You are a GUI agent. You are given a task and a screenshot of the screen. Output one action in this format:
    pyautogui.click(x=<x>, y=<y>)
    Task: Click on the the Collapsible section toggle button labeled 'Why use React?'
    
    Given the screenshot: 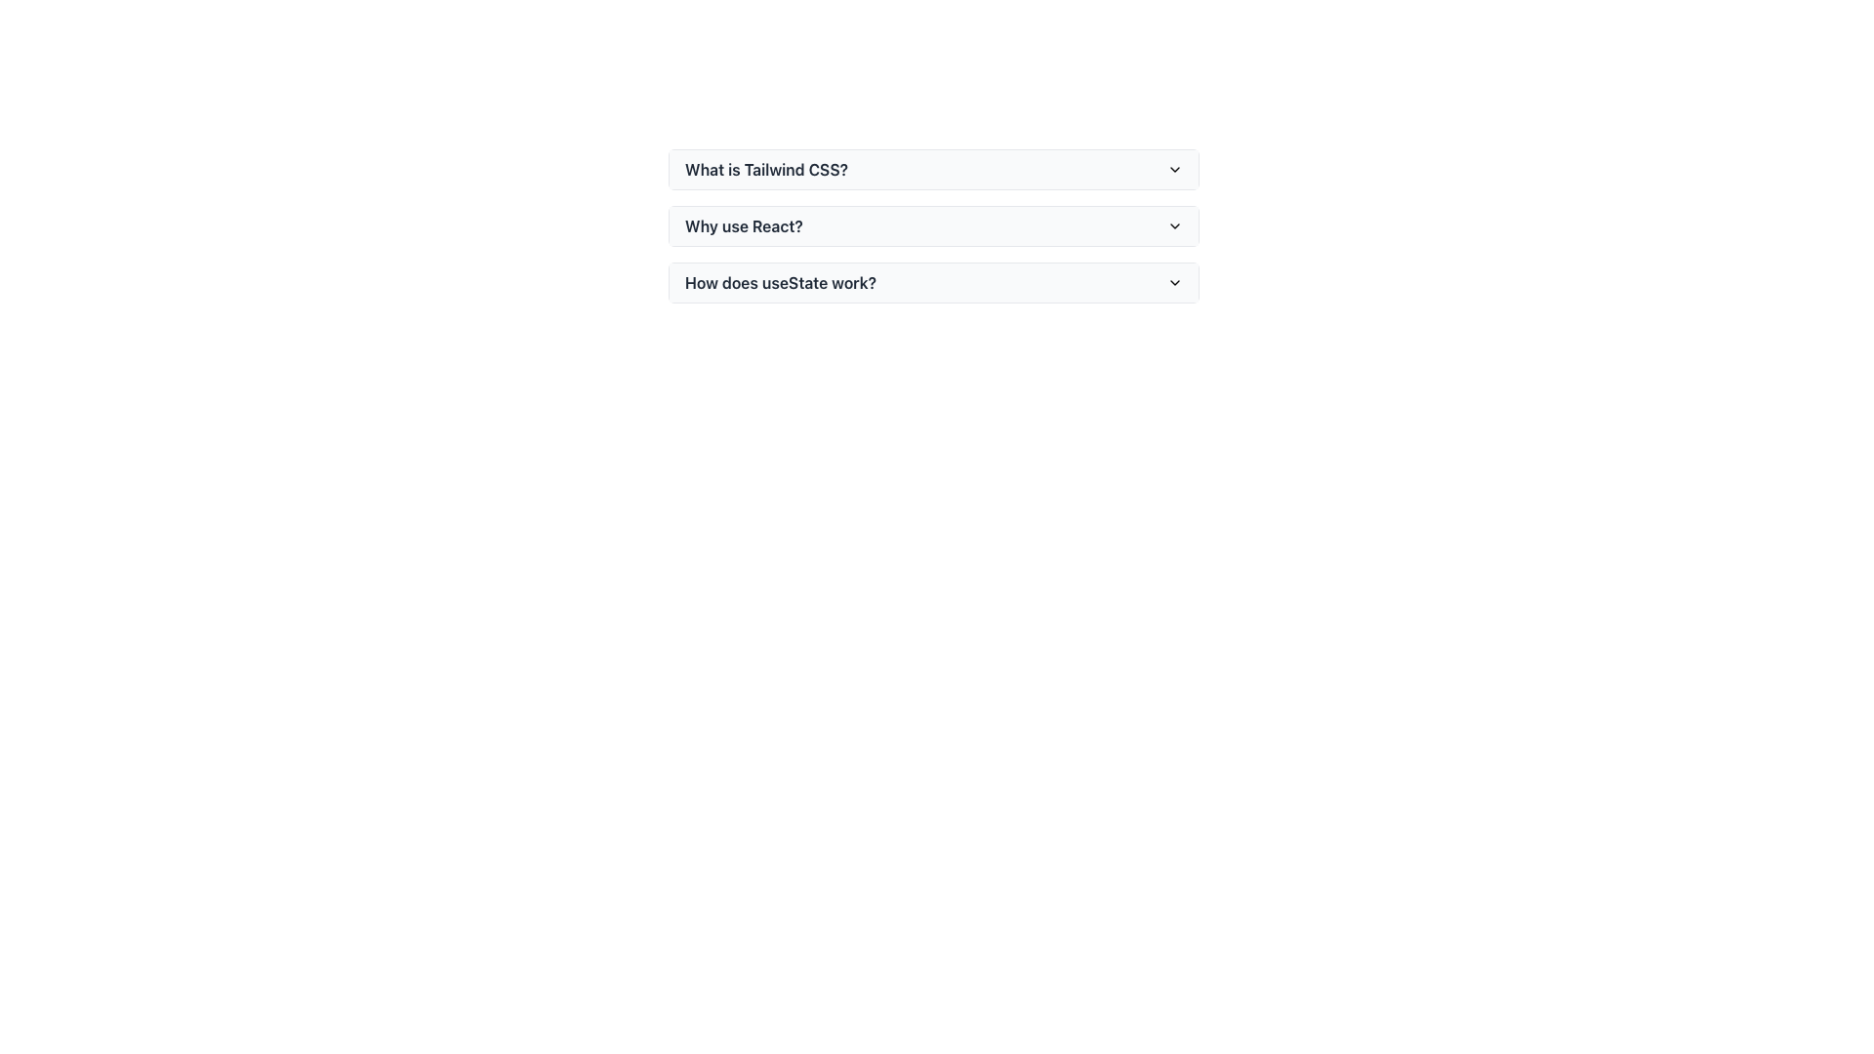 What is the action you would take?
    pyautogui.click(x=932, y=224)
    